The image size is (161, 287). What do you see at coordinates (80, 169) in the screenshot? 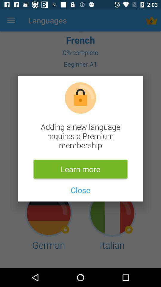
I see `learn more` at bounding box center [80, 169].